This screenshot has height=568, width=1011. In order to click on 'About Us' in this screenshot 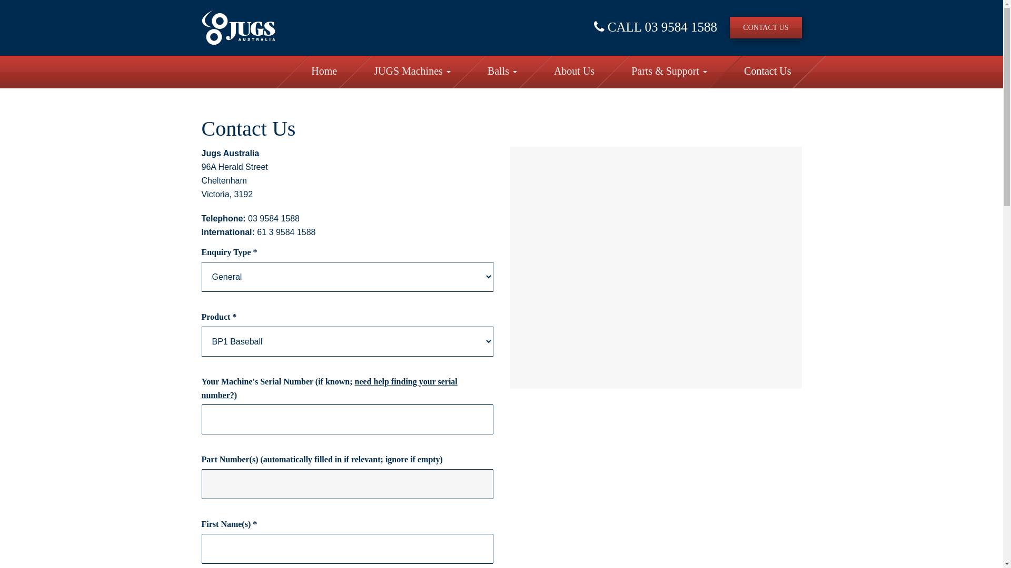, I will do `click(573, 72)`.